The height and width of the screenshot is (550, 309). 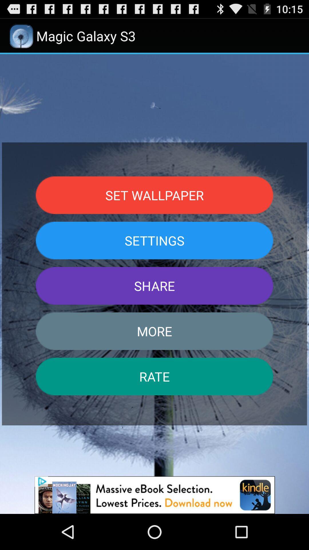 I want to click on click advertisement, so click(x=154, y=495).